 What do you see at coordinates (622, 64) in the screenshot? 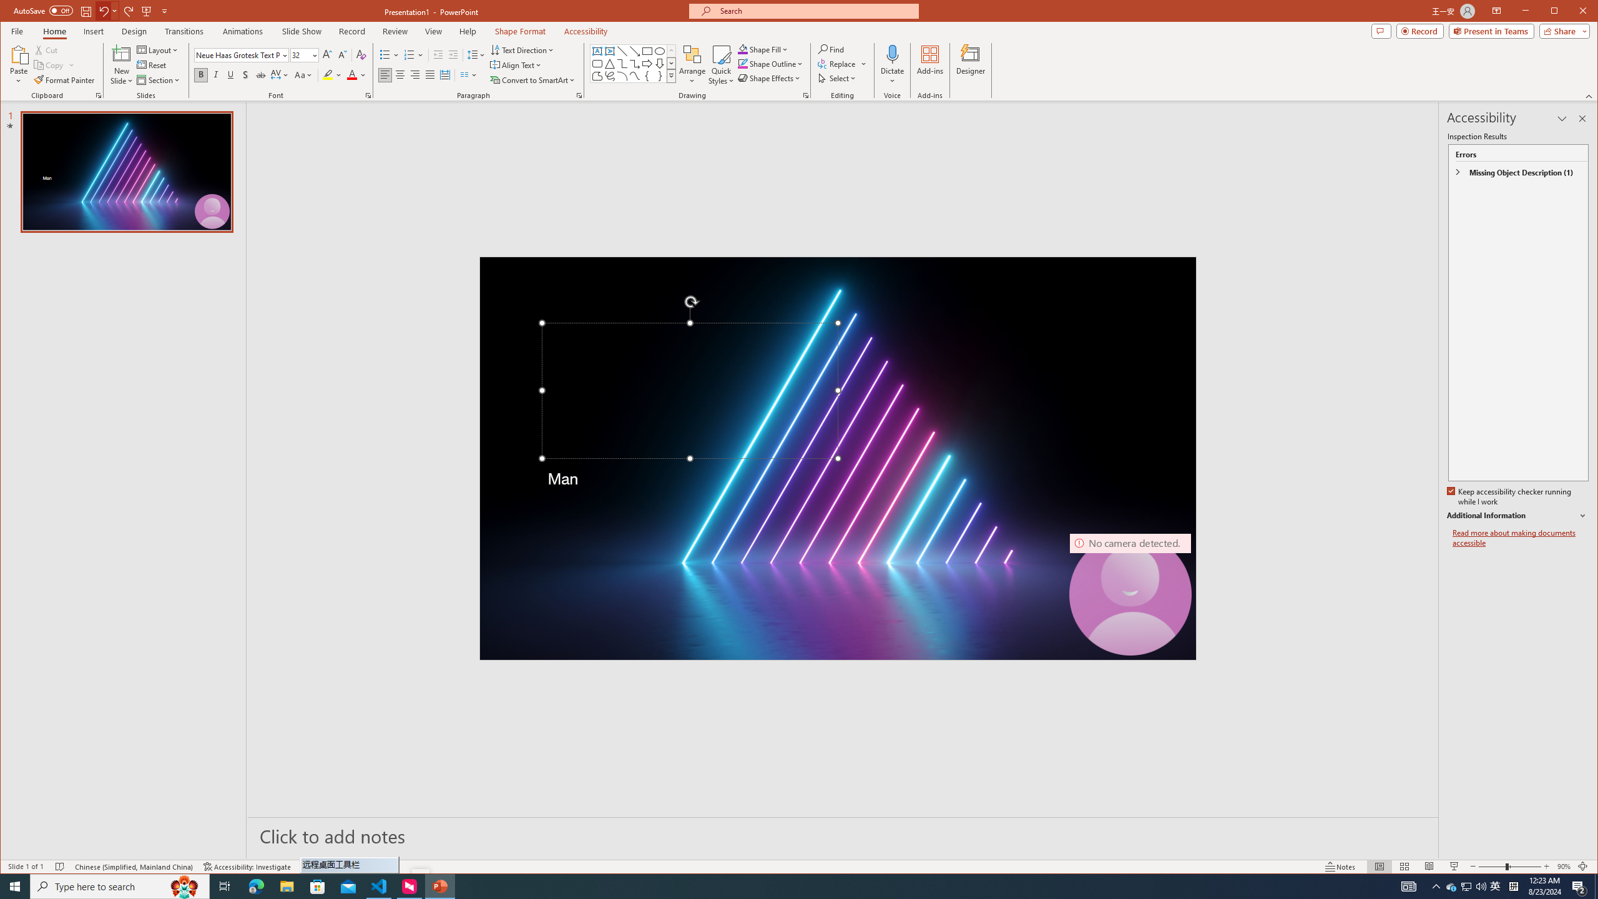
I see `'Connector: Elbow'` at bounding box center [622, 64].